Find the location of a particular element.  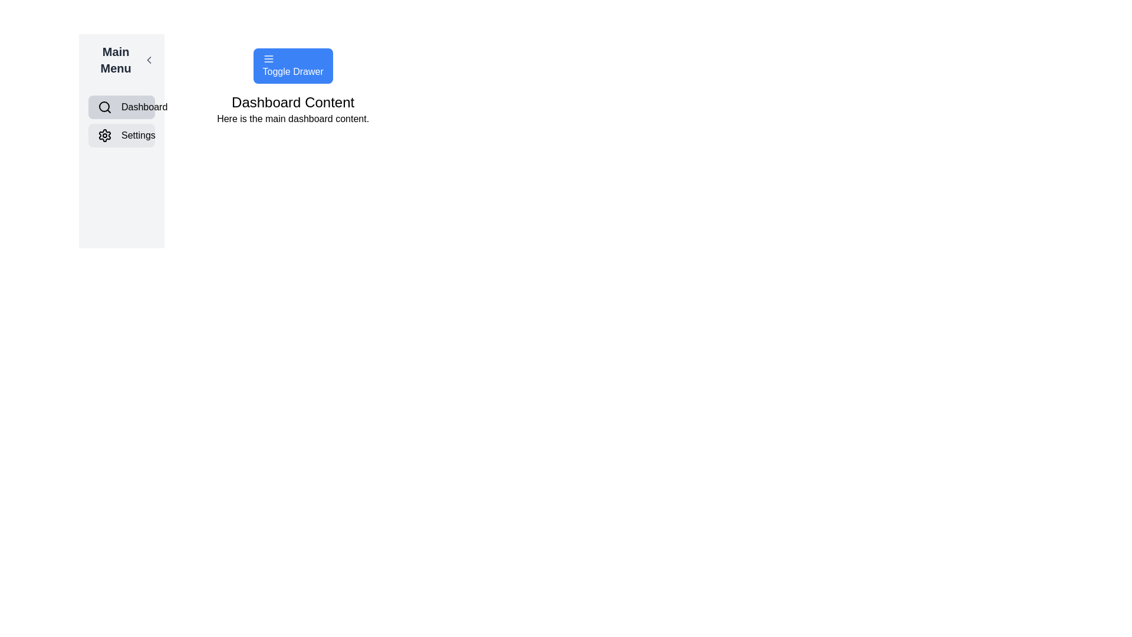

text content of the Text Label located below the 'Dashboard Content' in the central area of the interface is located at coordinates (293, 119).